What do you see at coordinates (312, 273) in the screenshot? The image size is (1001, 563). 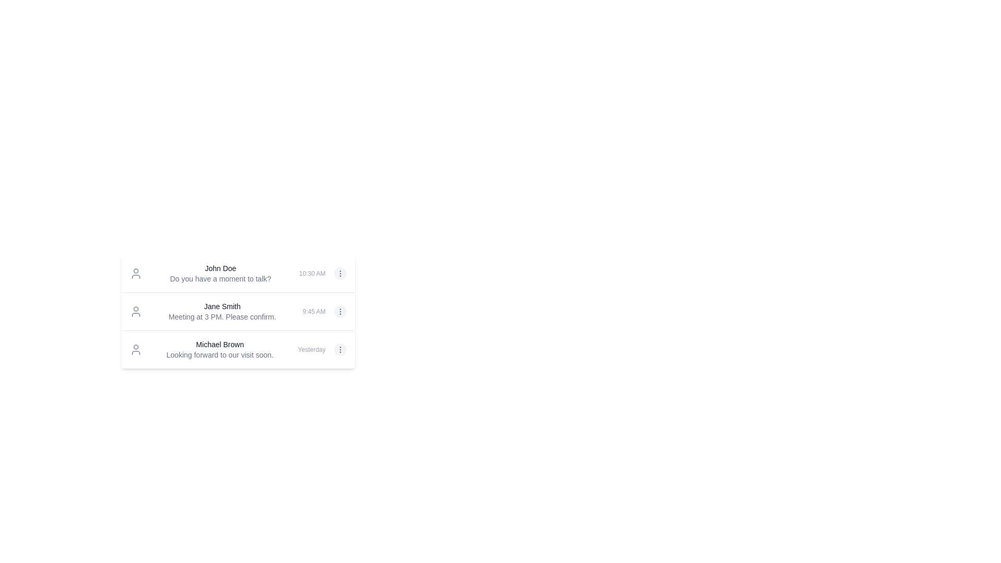 I see `the text label displaying the timestamp '10:30 AM', which is styled in small gray text and positioned to the right of the message entry` at bounding box center [312, 273].